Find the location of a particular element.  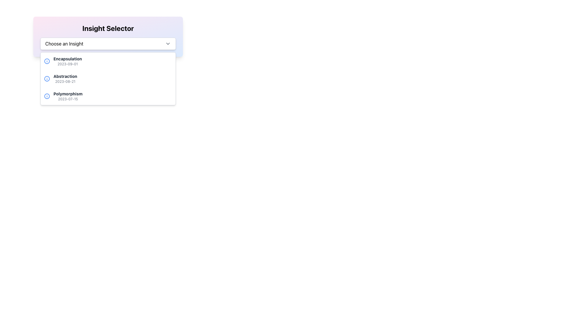

the second selectable list item in the 'Insight Selector' dropdown, which displays 'Abstraction' and '2023-08-21' is located at coordinates (65, 79).